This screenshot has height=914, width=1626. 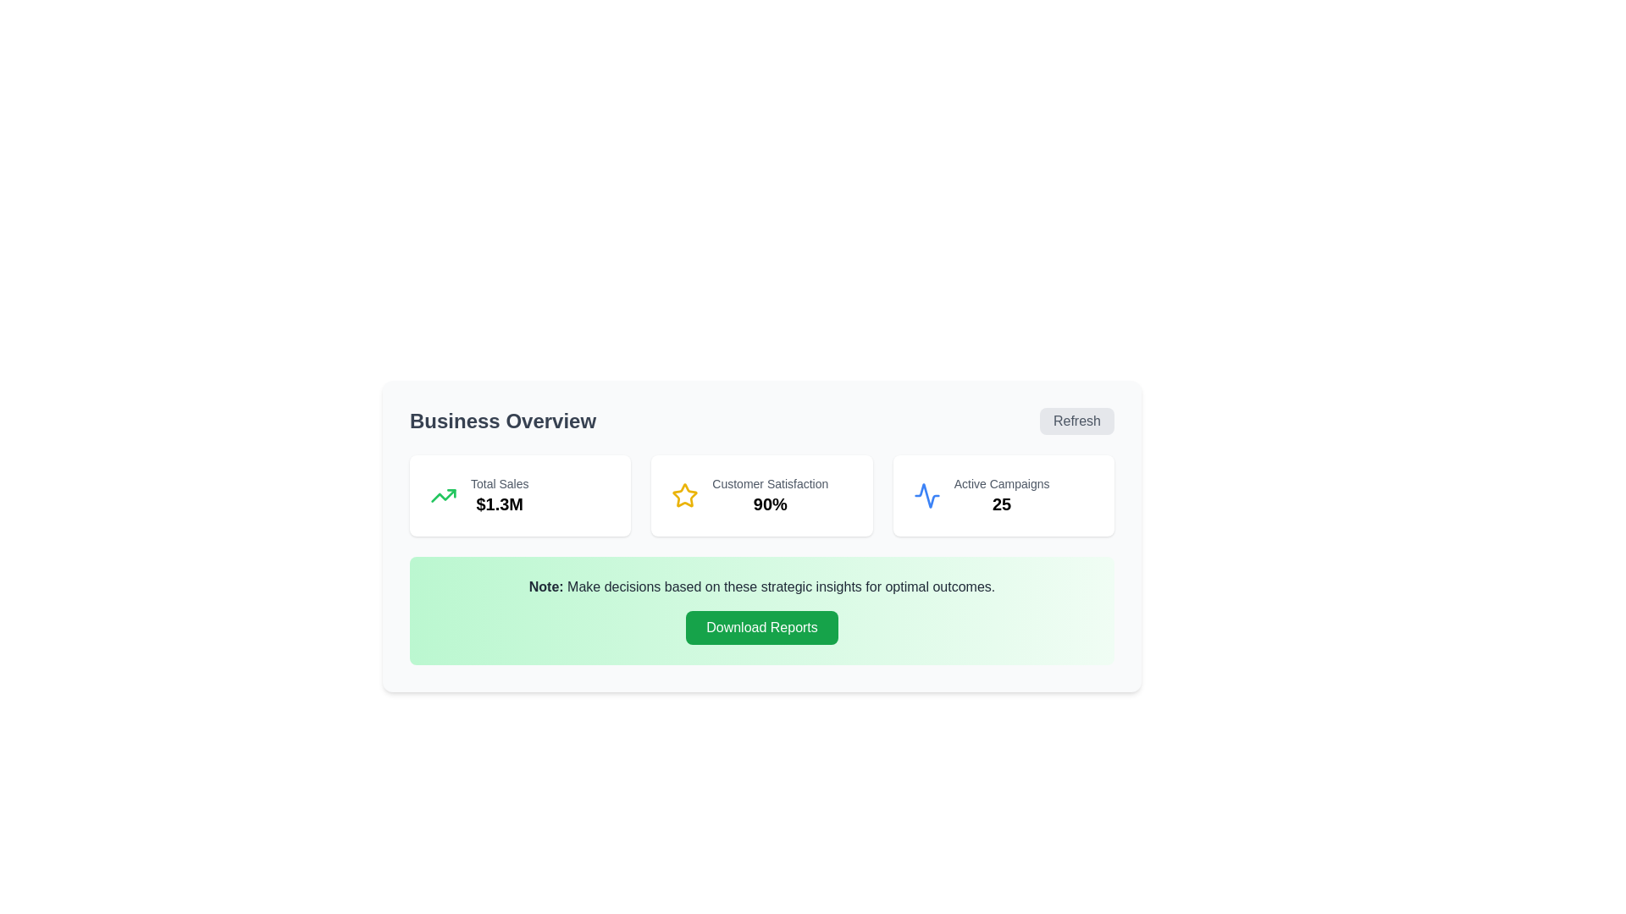 I want to click on the download reports button located in the 'Note' section, which is the last interactive element below the text 'Note: Make decisions based on these strategic insights for optimal outcomes.', so click(x=761, y=627).